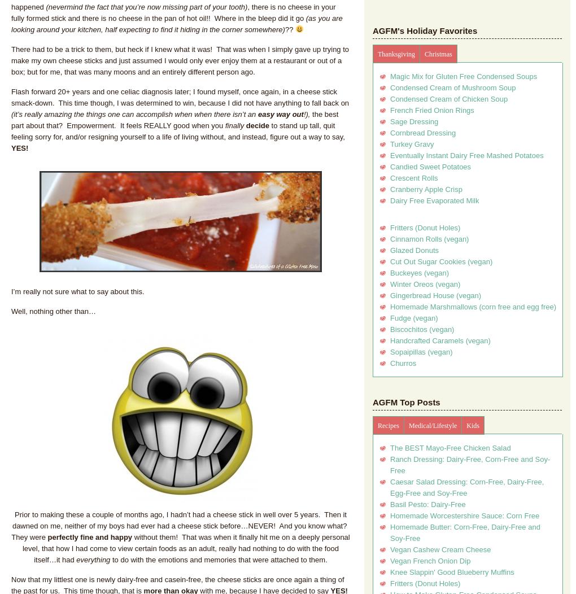  I want to click on '!),', so click(307, 113).